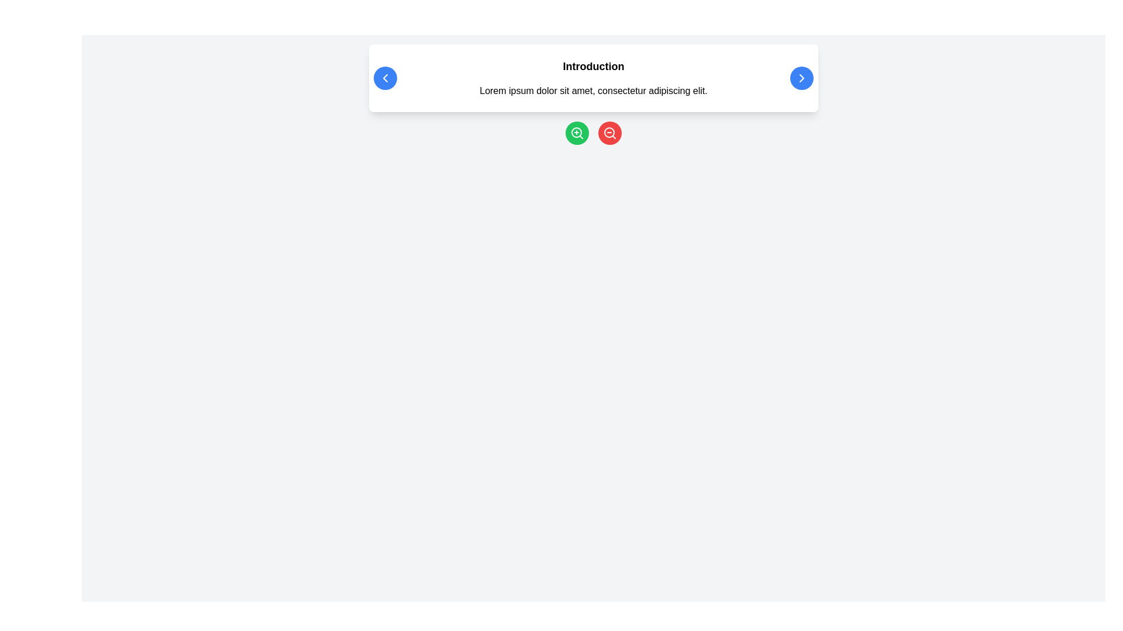  Describe the element at coordinates (801, 78) in the screenshot. I see `the right-pointing chevron icon within the blue circular button located at the top-right corner of the white card` at that location.